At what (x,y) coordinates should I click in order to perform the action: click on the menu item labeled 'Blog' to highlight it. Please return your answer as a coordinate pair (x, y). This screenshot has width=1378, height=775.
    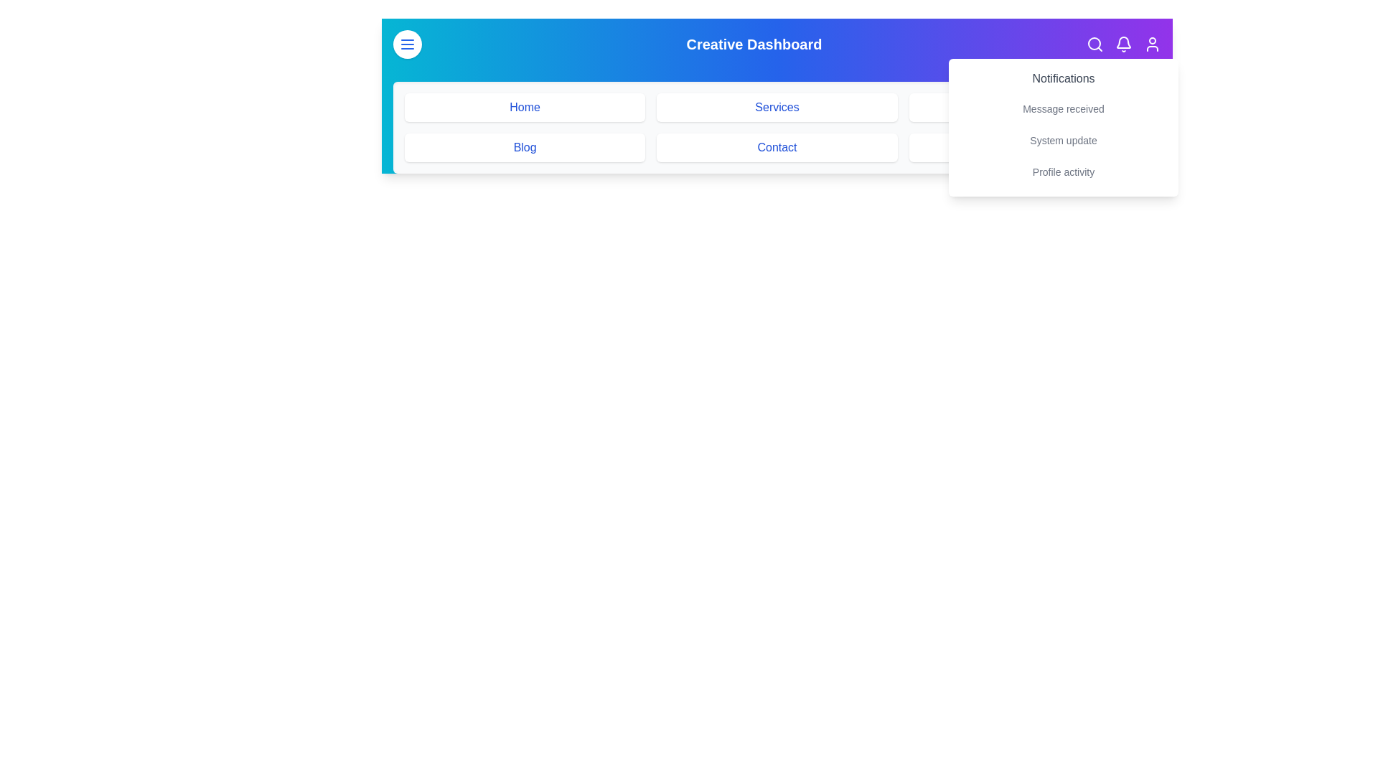
    Looking at the image, I should click on (523, 147).